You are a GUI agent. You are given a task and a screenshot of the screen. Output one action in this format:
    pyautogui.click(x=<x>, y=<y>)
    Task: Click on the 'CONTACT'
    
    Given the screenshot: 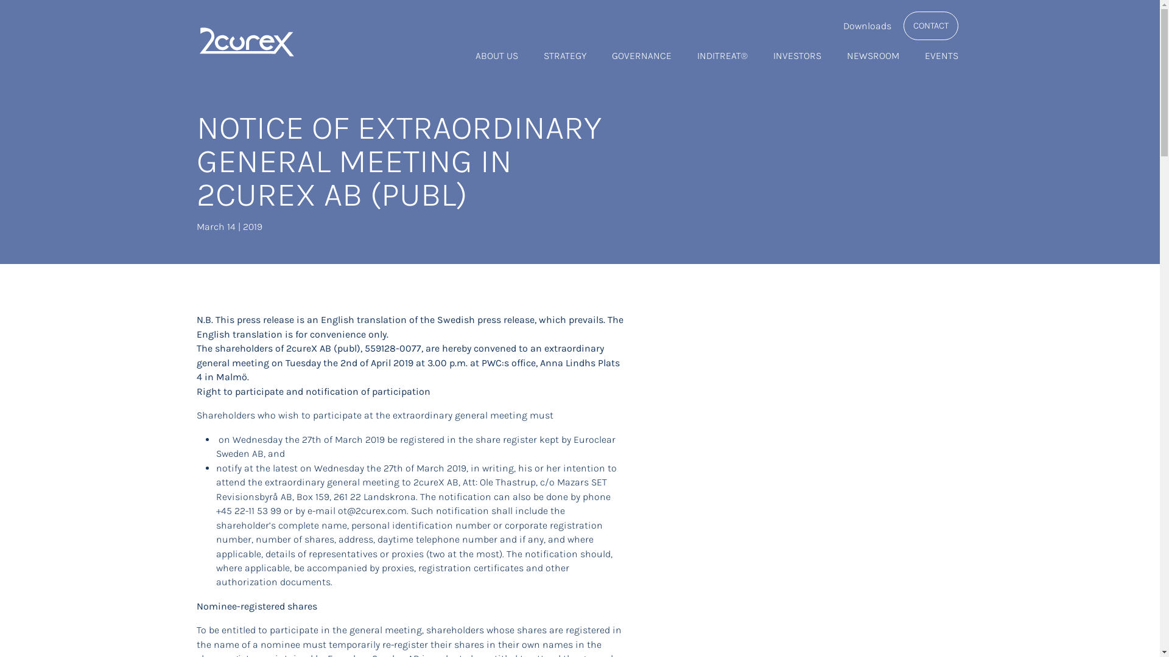 What is the action you would take?
    pyautogui.click(x=930, y=26)
    